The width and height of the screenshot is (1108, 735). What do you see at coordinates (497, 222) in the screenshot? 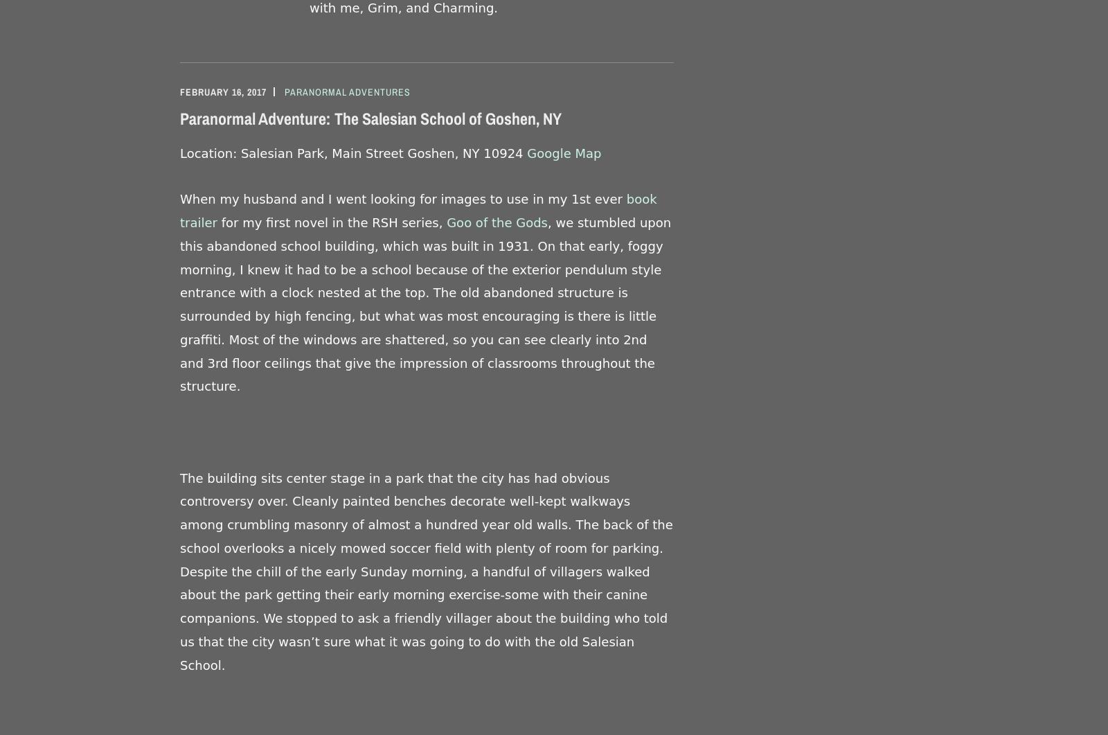
I see `'Goo of the Gods'` at bounding box center [497, 222].